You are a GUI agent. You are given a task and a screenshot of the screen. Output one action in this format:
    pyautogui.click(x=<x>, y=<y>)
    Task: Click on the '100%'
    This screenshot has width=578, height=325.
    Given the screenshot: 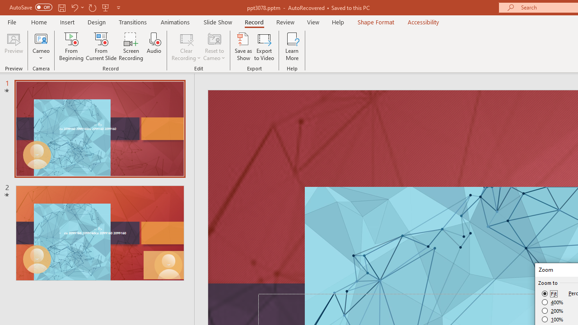 What is the action you would take?
    pyautogui.click(x=552, y=319)
    